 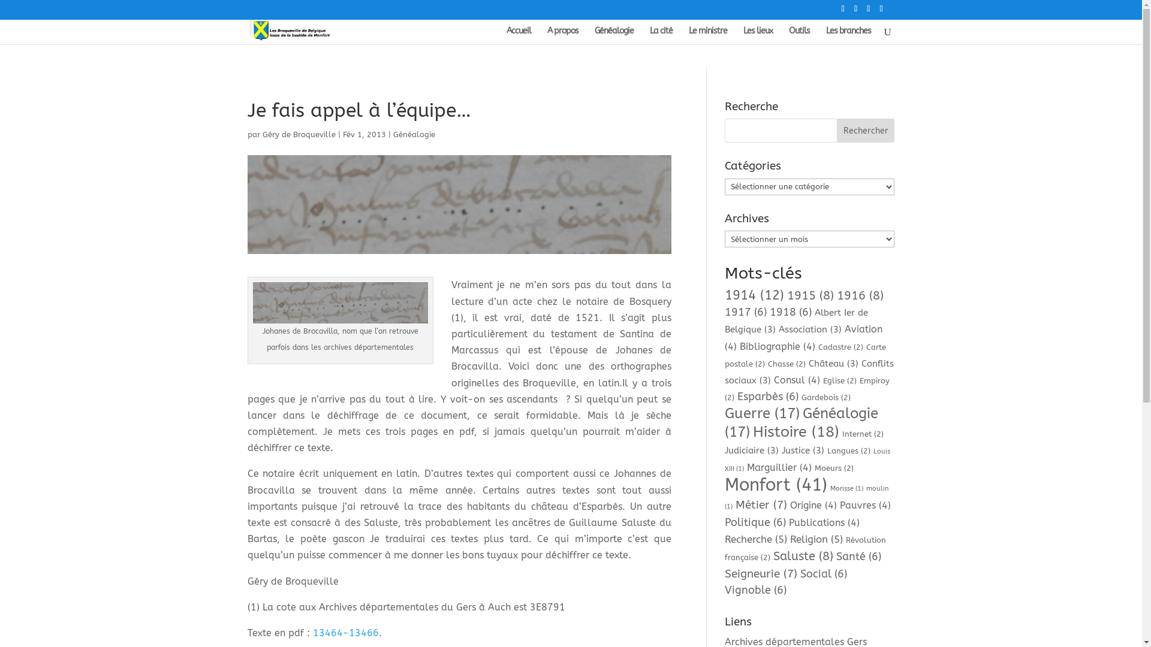 I want to click on '1917 (6)', so click(x=745, y=311).